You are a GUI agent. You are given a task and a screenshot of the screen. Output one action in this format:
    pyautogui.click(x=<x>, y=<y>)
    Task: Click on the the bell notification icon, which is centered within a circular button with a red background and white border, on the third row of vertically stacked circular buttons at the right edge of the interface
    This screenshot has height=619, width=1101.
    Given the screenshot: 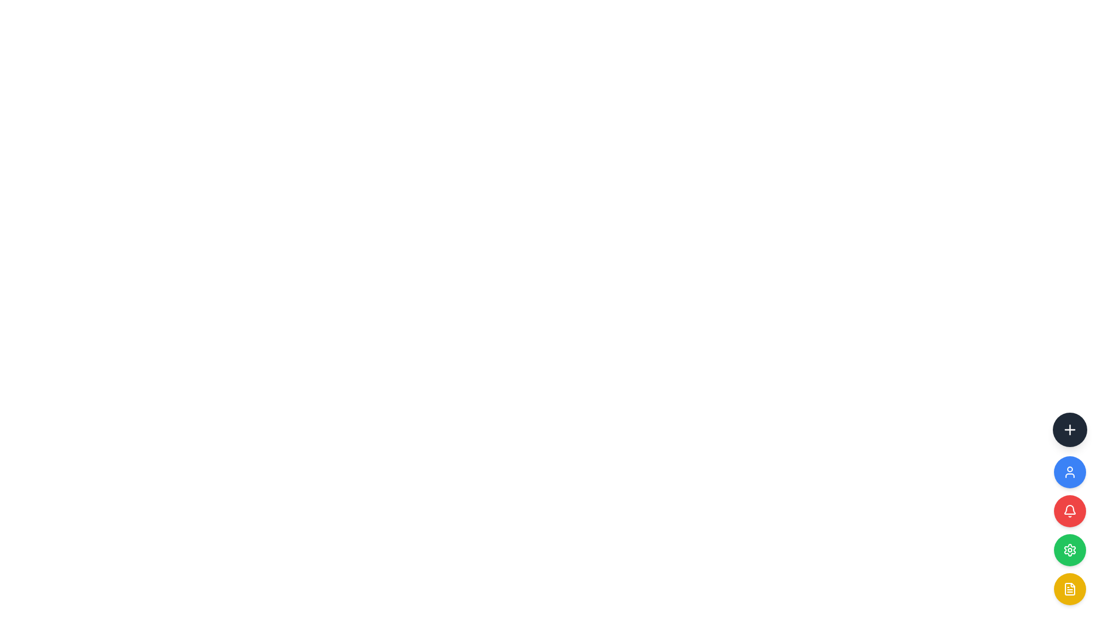 What is the action you would take?
    pyautogui.click(x=1069, y=510)
    